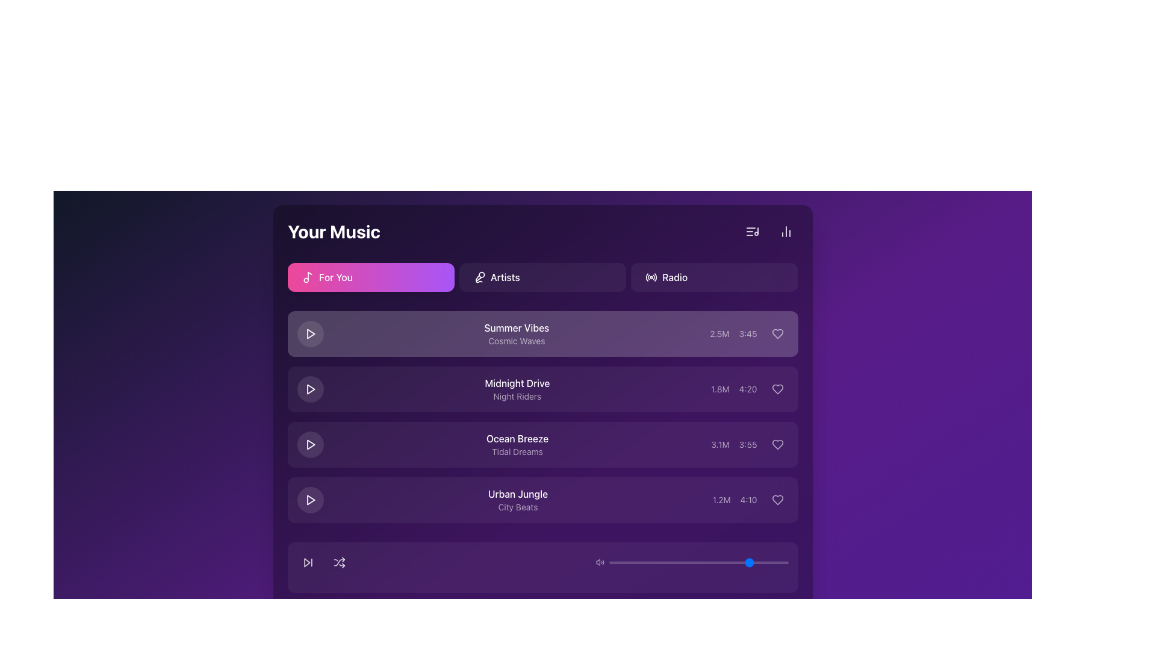 The height and width of the screenshot is (650, 1156). I want to click on the text label displaying '1.8M', which is located to the right of the 'Midnight Drive' song title and precedes the playtime '4:20' label, so click(720, 389).